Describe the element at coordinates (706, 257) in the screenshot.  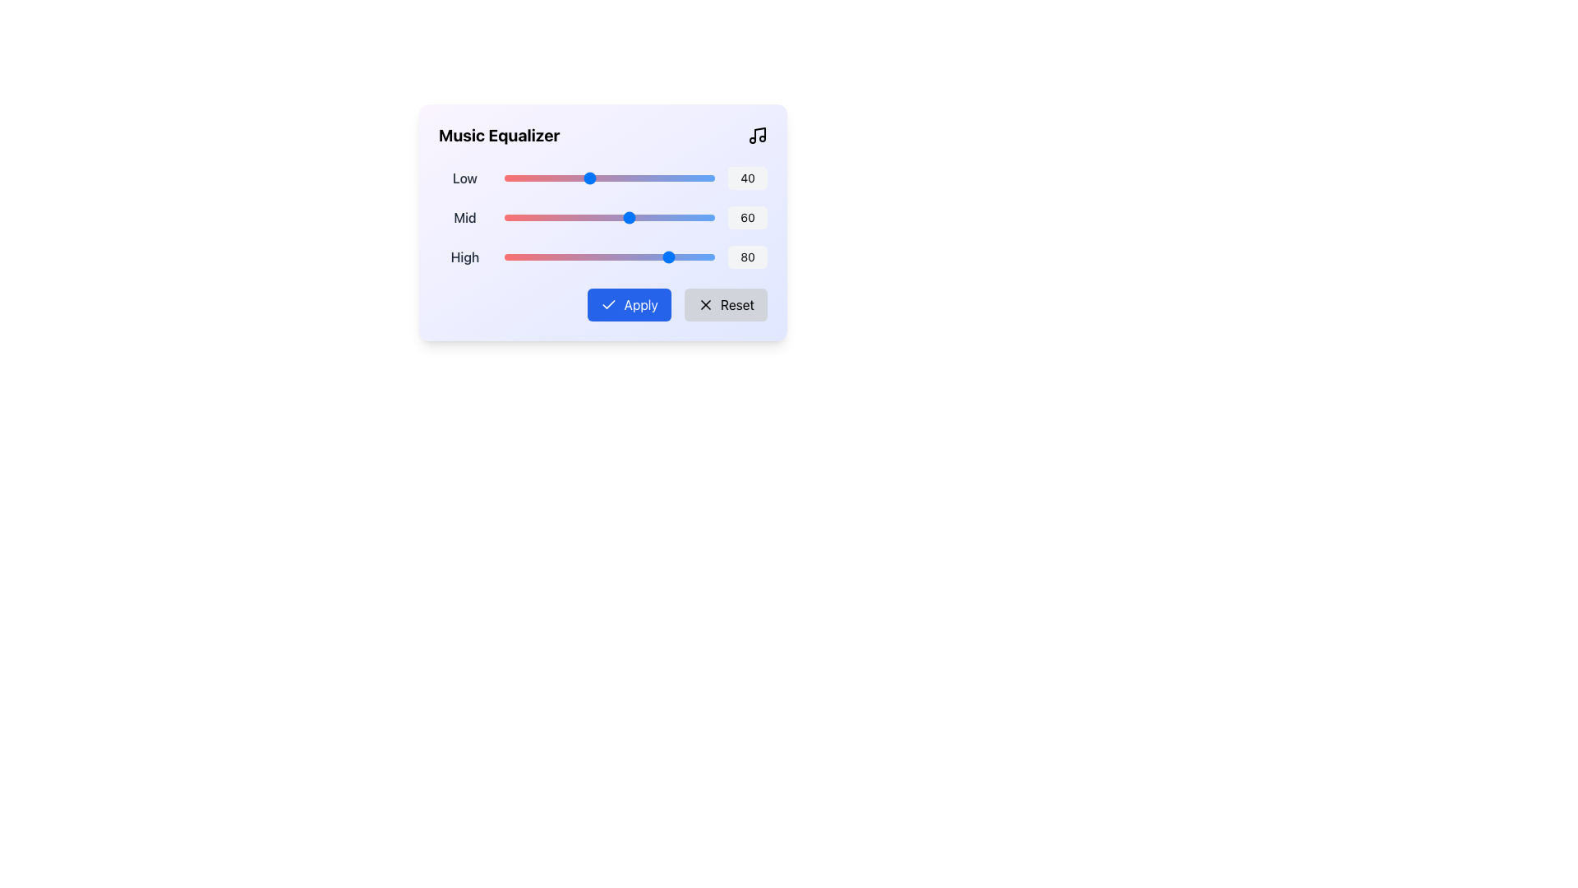
I see `the 'High' audio frequency` at that location.